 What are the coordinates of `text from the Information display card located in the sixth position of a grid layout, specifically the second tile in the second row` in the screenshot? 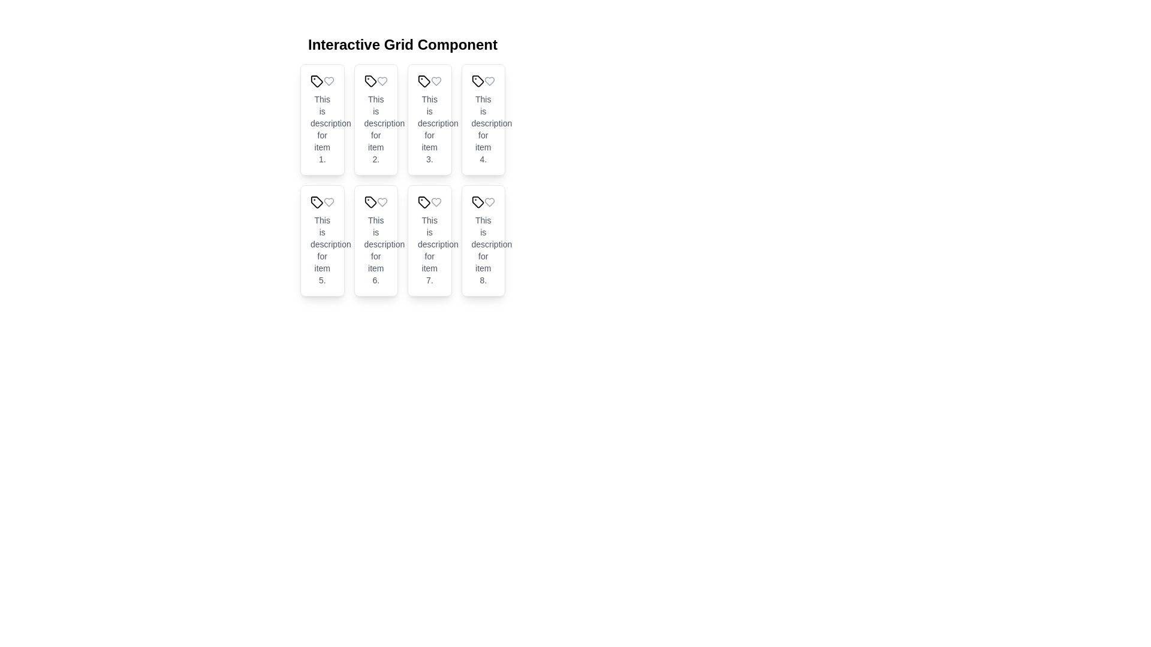 It's located at (375, 240).